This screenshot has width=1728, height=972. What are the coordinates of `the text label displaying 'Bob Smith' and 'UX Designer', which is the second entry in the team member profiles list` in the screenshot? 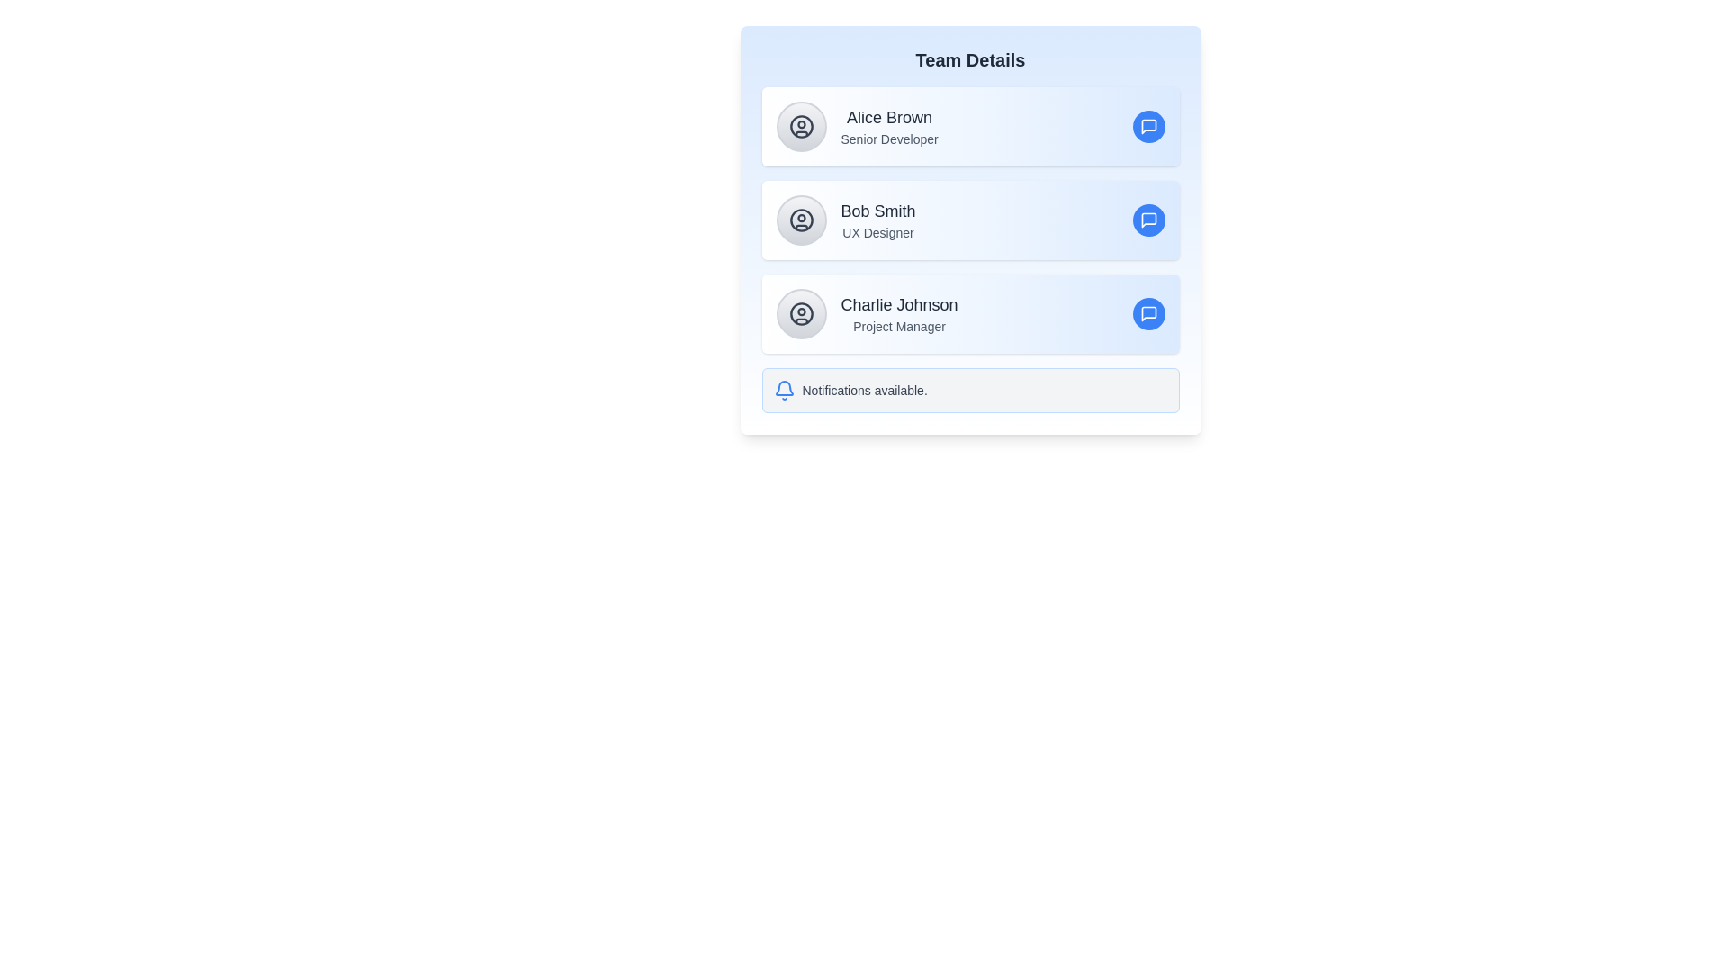 It's located at (877, 220).